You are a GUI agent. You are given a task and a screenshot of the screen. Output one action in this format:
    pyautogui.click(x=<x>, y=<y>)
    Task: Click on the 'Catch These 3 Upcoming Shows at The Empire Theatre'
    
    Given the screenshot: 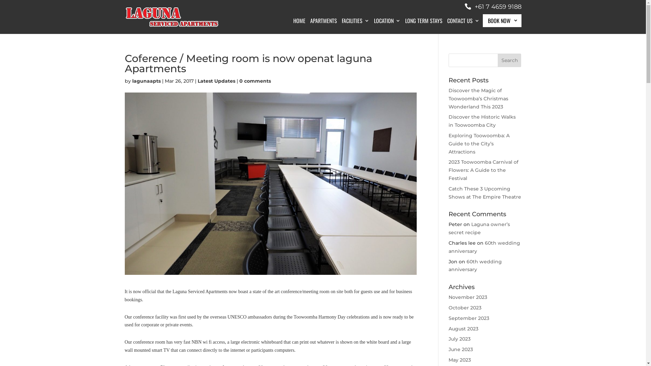 What is the action you would take?
    pyautogui.click(x=485, y=193)
    